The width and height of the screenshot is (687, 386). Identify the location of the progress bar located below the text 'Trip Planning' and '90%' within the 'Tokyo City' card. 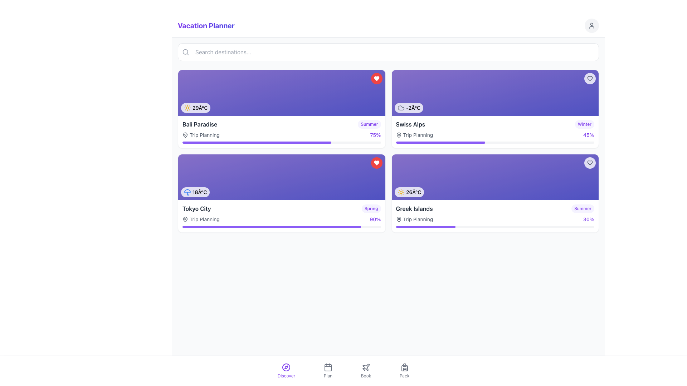
(281, 227).